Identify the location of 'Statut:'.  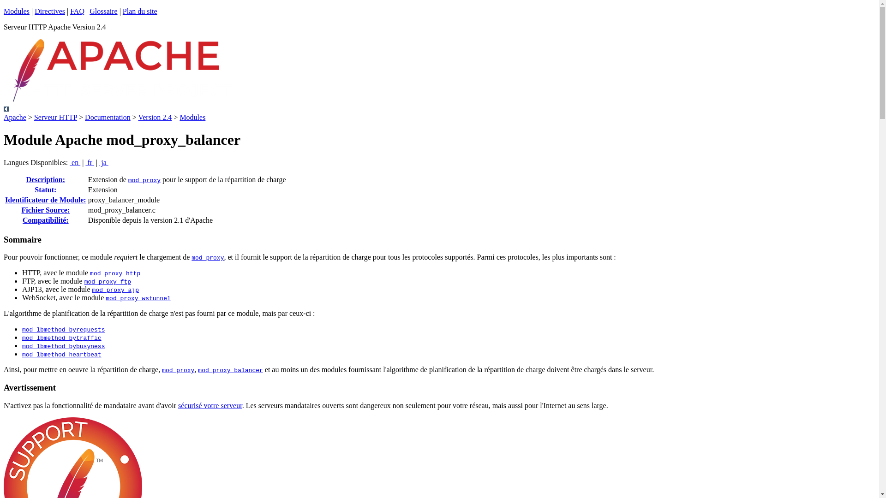
(45, 189).